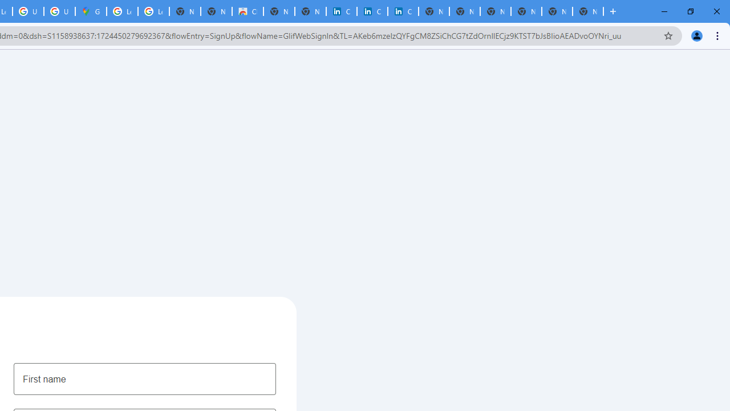 The height and width of the screenshot is (411, 730). Describe the element at coordinates (144, 378) in the screenshot. I see `'First name'` at that location.